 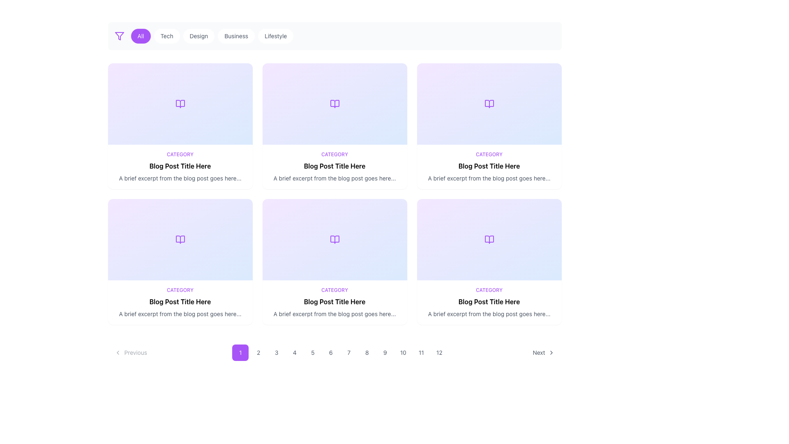 I want to click on text from the Text block containing 'CATEGORY', 'Blog Post Title Here', and 'A brief excerpt from the blog post goes here...' located in the second card of the second row in the central grid of the webpage, so click(x=335, y=166).